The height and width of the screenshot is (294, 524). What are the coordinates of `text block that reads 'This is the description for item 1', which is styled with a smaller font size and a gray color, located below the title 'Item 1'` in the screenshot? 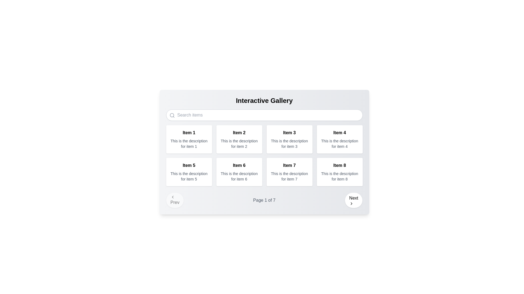 It's located at (189, 143).